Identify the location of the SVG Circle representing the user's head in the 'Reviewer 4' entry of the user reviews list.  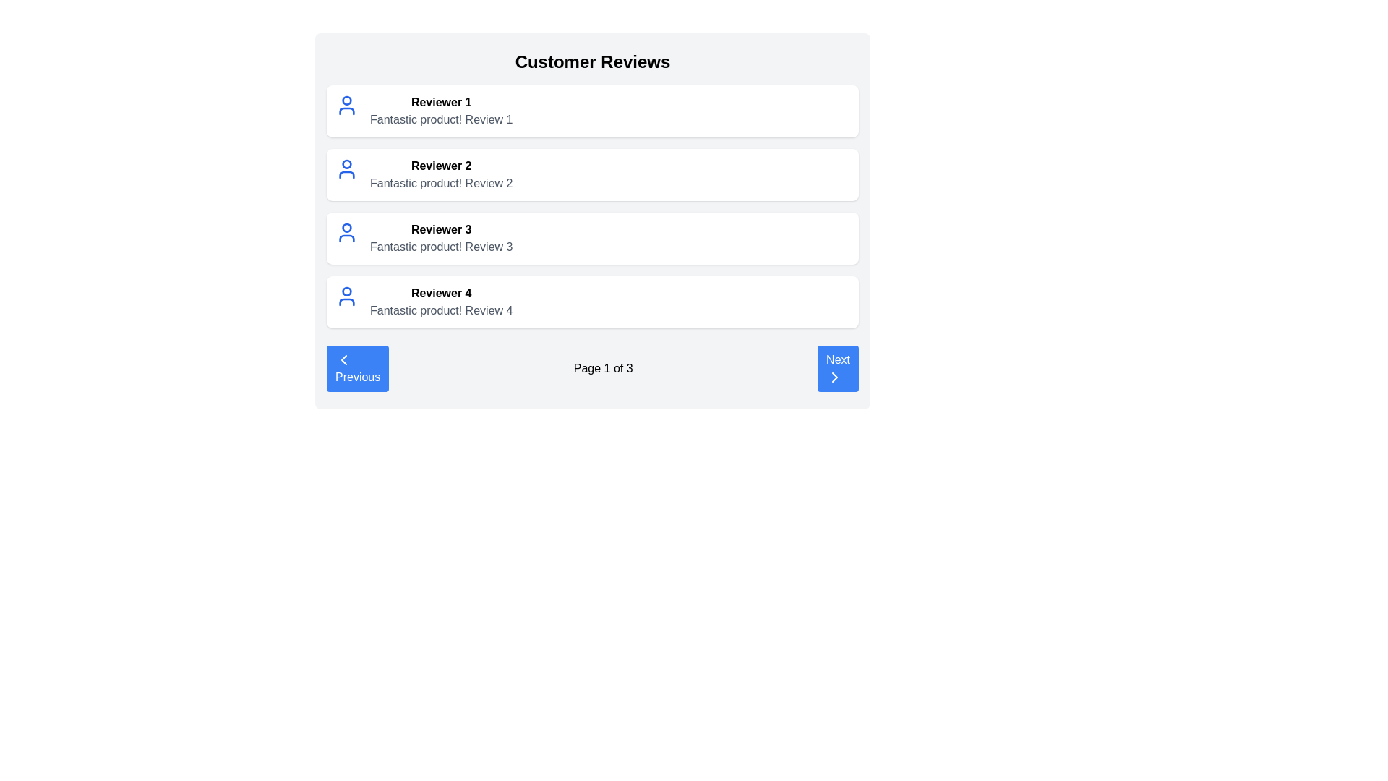
(347, 291).